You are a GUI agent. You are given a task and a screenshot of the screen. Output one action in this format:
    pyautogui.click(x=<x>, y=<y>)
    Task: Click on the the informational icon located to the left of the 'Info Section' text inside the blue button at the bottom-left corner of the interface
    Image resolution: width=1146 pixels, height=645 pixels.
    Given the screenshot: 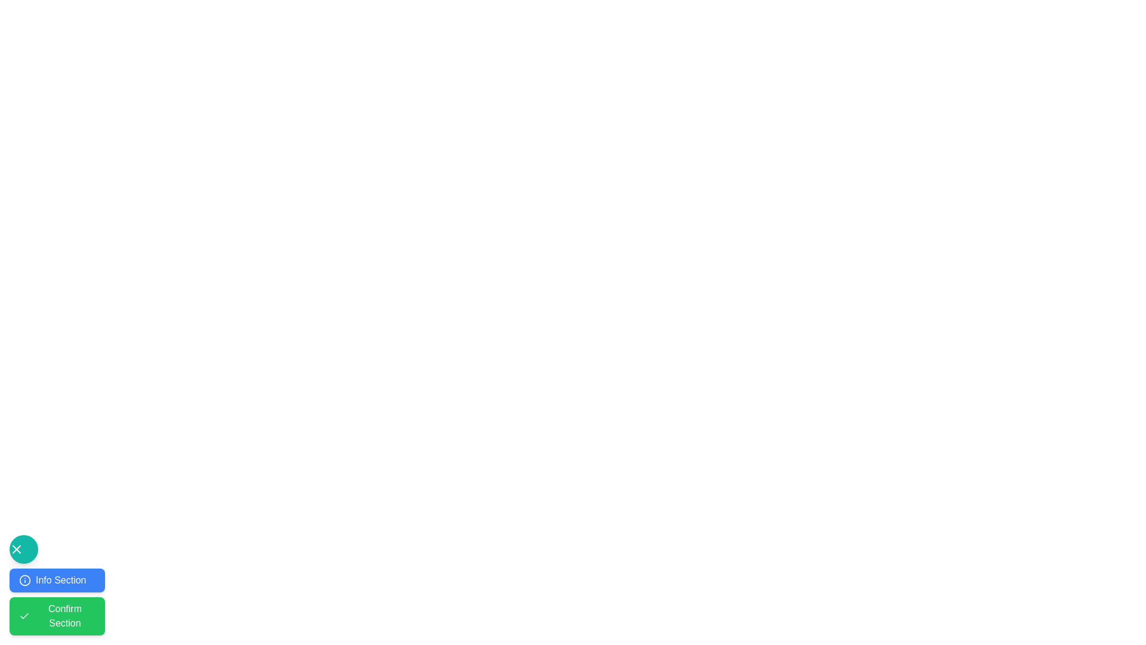 What is the action you would take?
    pyautogui.click(x=25, y=580)
    